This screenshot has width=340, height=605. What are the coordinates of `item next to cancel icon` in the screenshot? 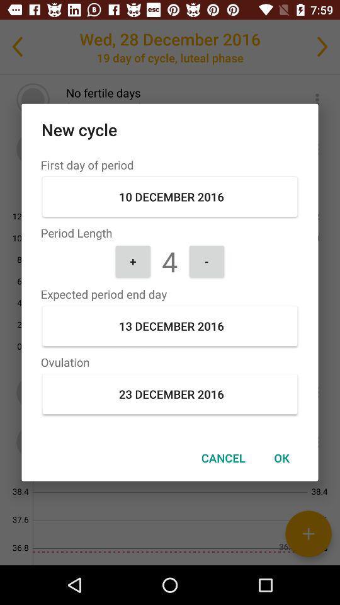 It's located at (281, 457).